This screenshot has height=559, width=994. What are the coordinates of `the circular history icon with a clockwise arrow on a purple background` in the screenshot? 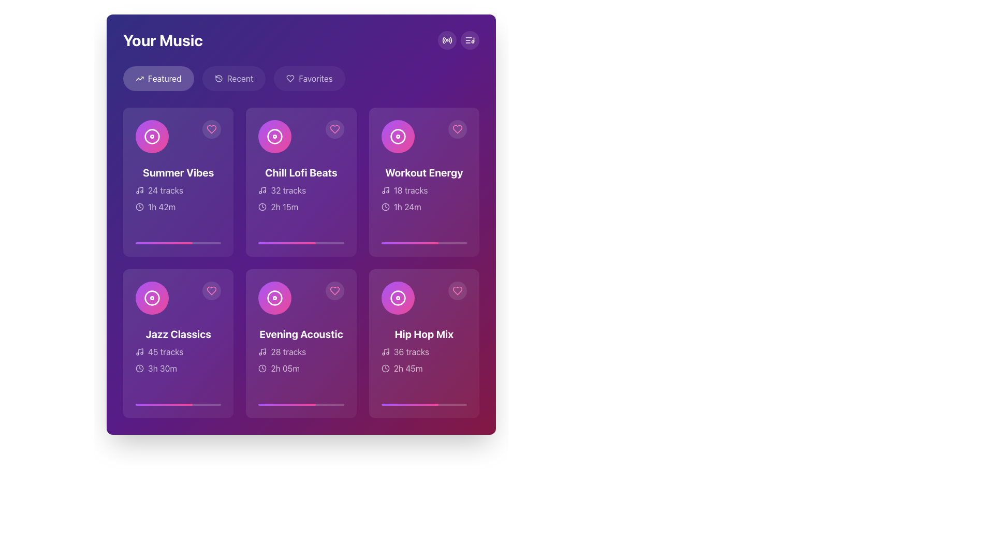 It's located at (218, 78).